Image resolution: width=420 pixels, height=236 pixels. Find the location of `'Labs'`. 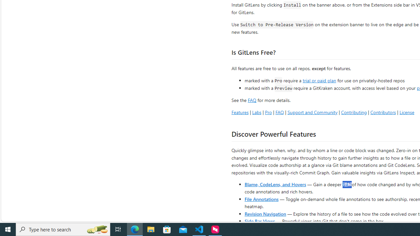

'Labs' is located at coordinates (256, 112).